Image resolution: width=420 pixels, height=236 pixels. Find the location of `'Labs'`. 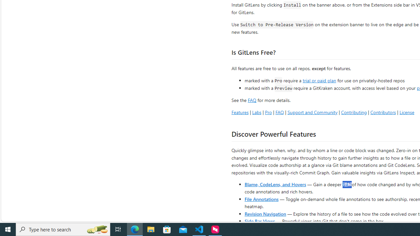

'Labs' is located at coordinates (256, 112).